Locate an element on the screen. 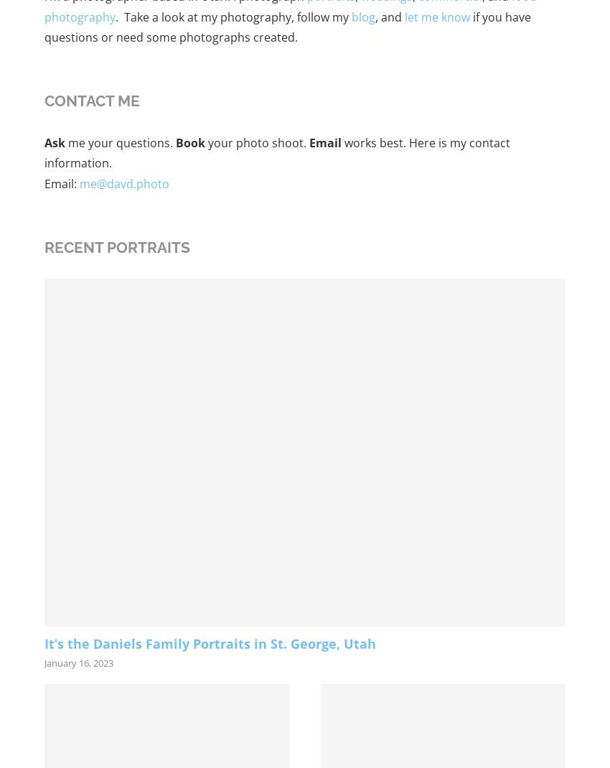  'me@davd.photo' is located at coordinates (123, 183).